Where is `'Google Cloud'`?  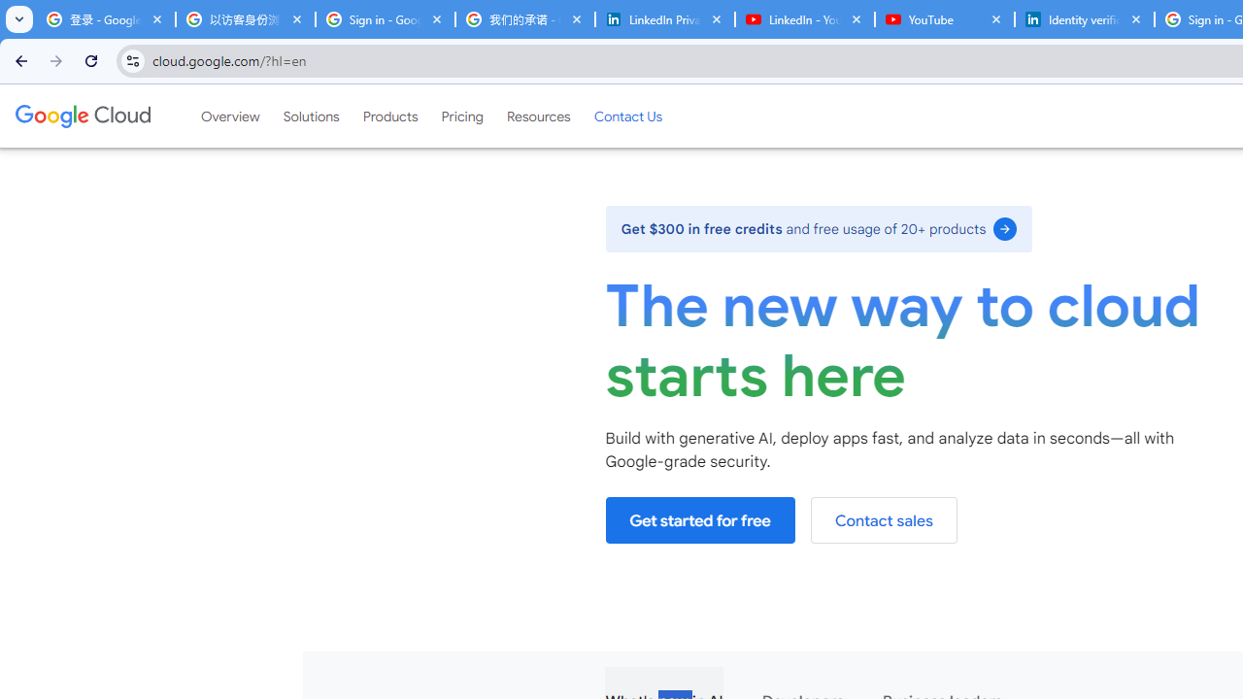 'Google Cloud' is located at coordinates (82, 116).